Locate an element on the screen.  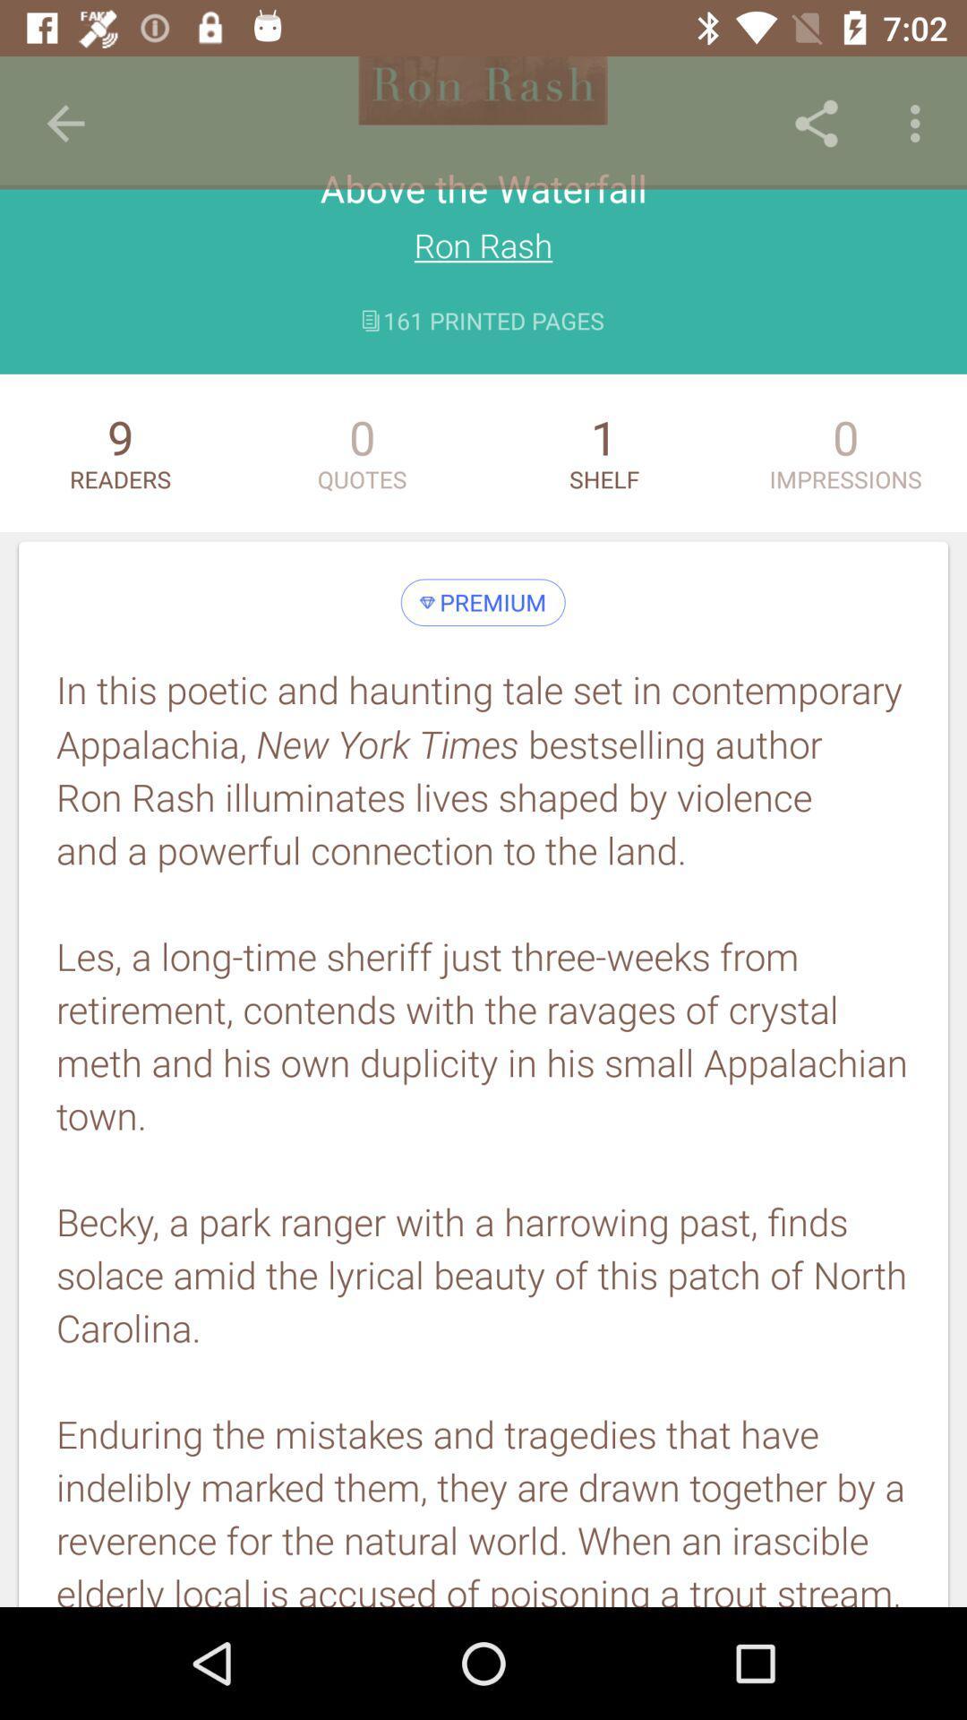
item above 9 icon is located at coordinates (64, 123).